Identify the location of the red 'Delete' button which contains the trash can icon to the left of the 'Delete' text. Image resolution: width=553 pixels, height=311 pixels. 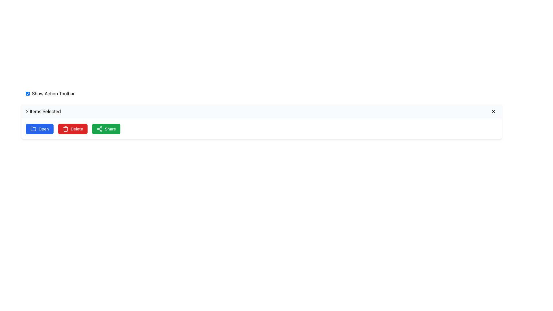
(65, 128).